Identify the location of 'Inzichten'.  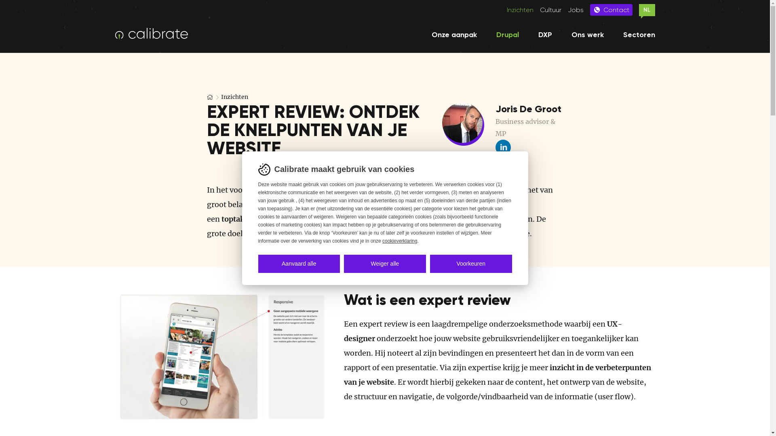
(520, 10).